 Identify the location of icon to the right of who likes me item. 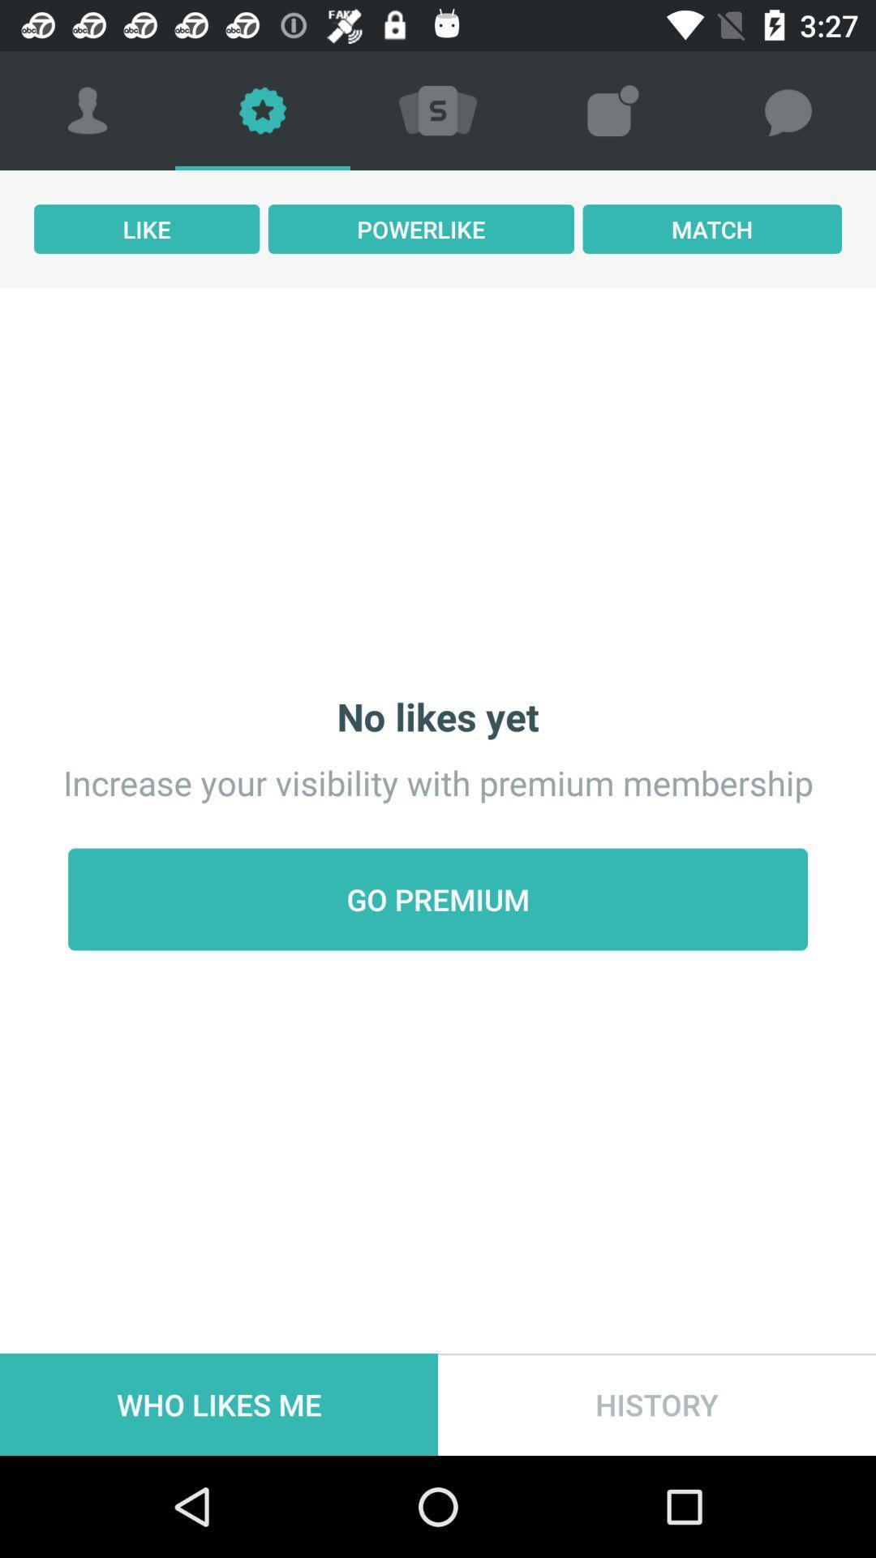
(657, 1404).